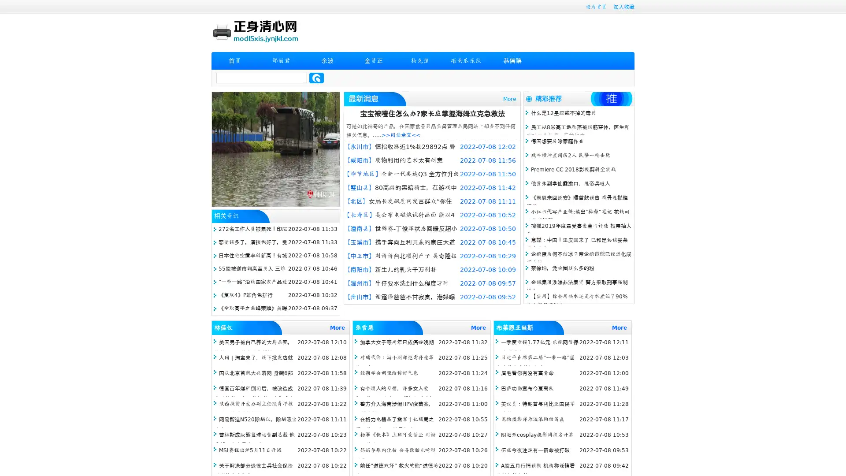 This screenshot has height=476, width=846. What do you see at coordinates (316, 78) in the screenshot?
I see `Search` at bounding box center [316, 78].